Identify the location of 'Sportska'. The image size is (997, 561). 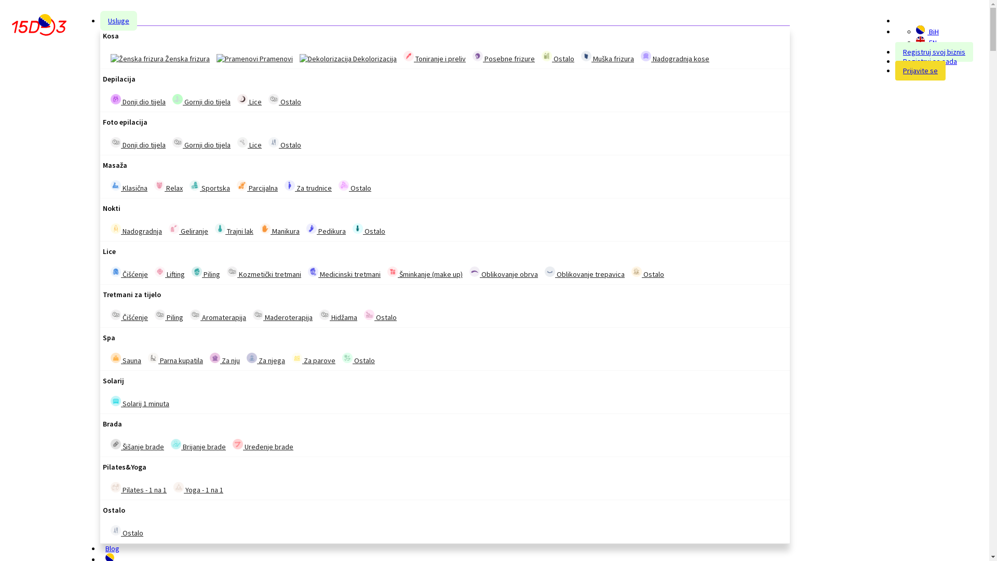
(209, 185).